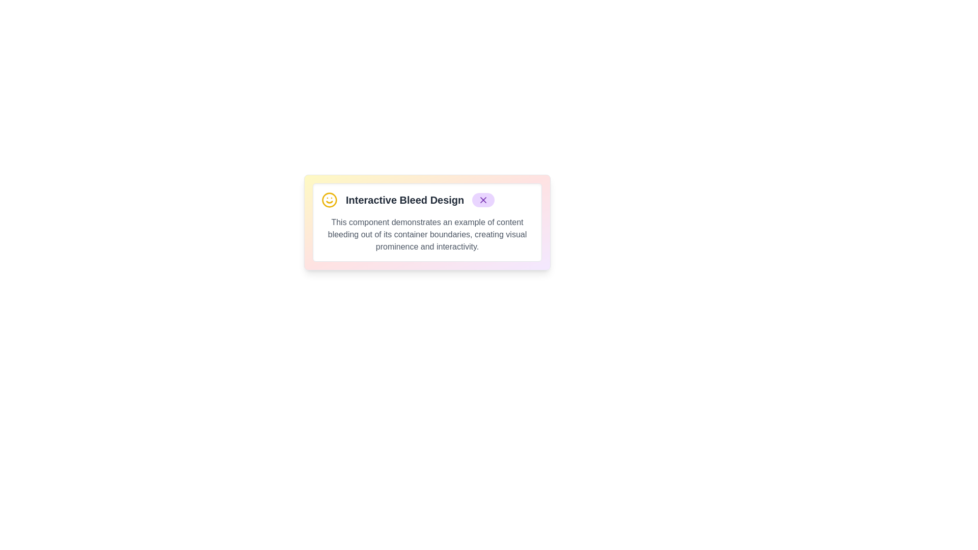 This screenshot has height=550, width=978. I want to click on the 'Interactive Bleed Design' text label for accessibility navigation, so click(404, 200).